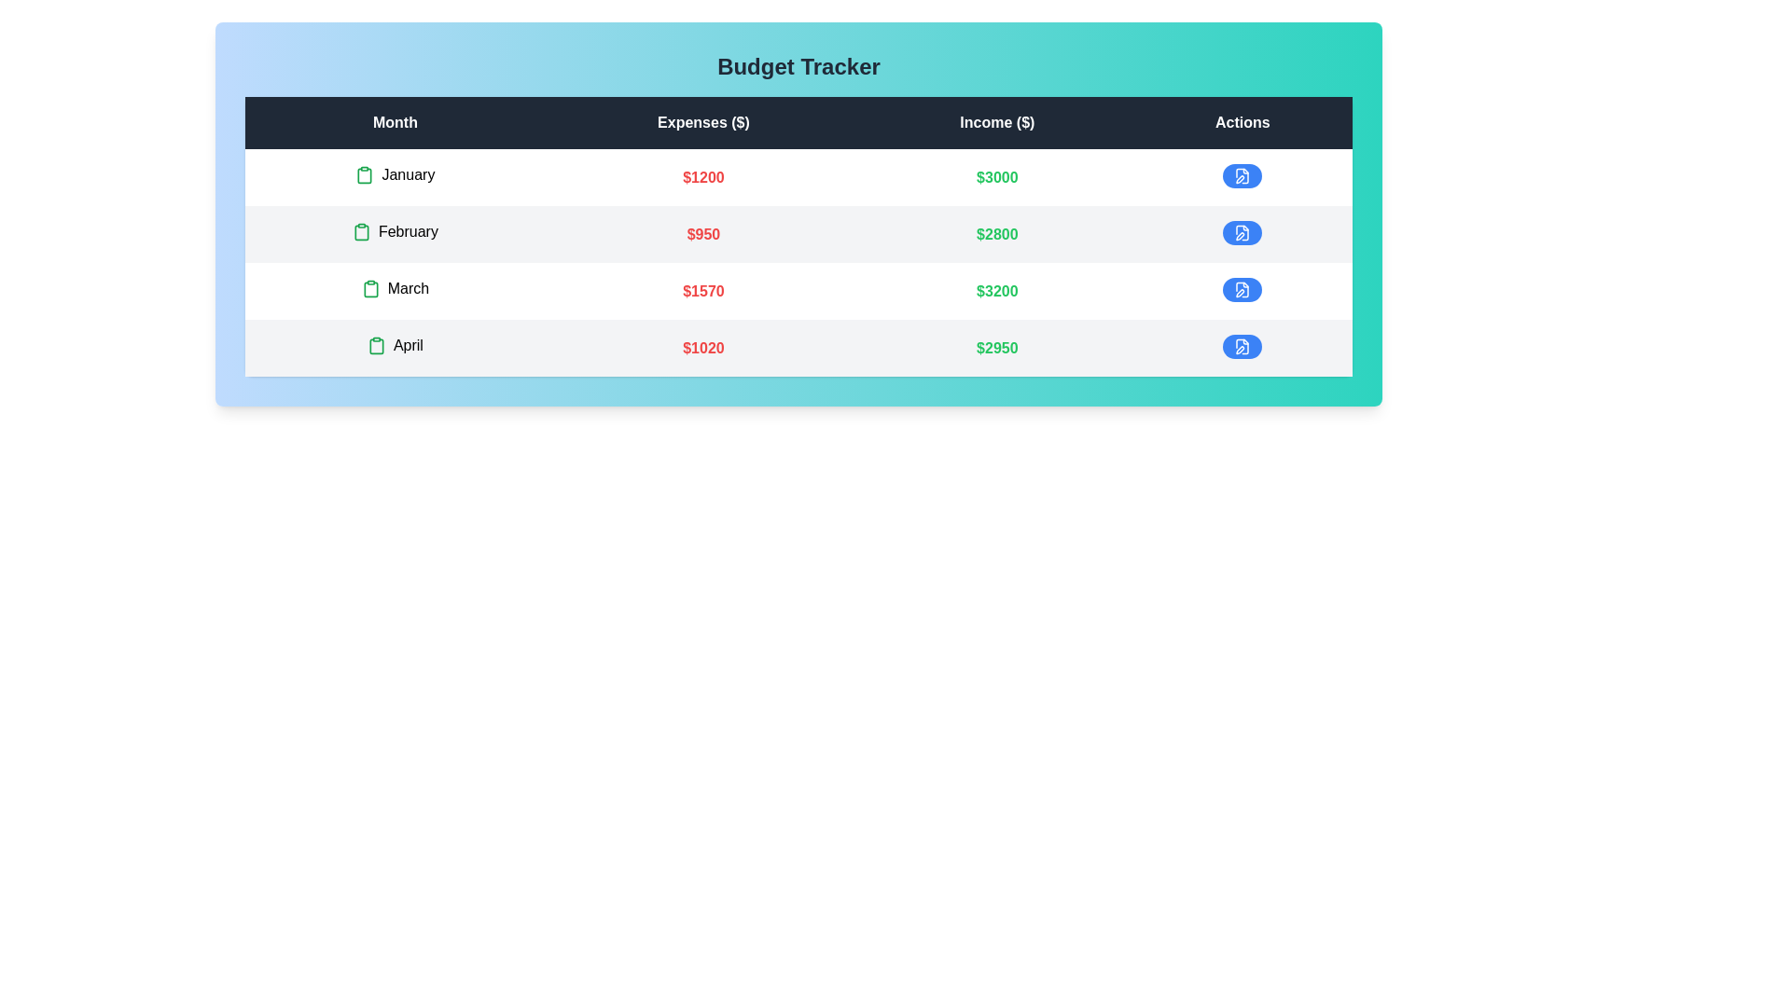 This screenshot has height=1007, width=1791. What do you see at coordinates (1242, 290) in the screenshot?
I see `action button for the March row` at bounding box center [1242, 290].